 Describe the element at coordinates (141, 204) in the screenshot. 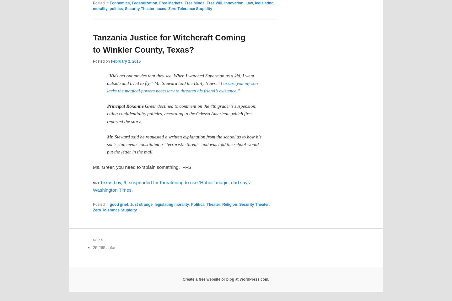

I see `'Just strange'` at that location.